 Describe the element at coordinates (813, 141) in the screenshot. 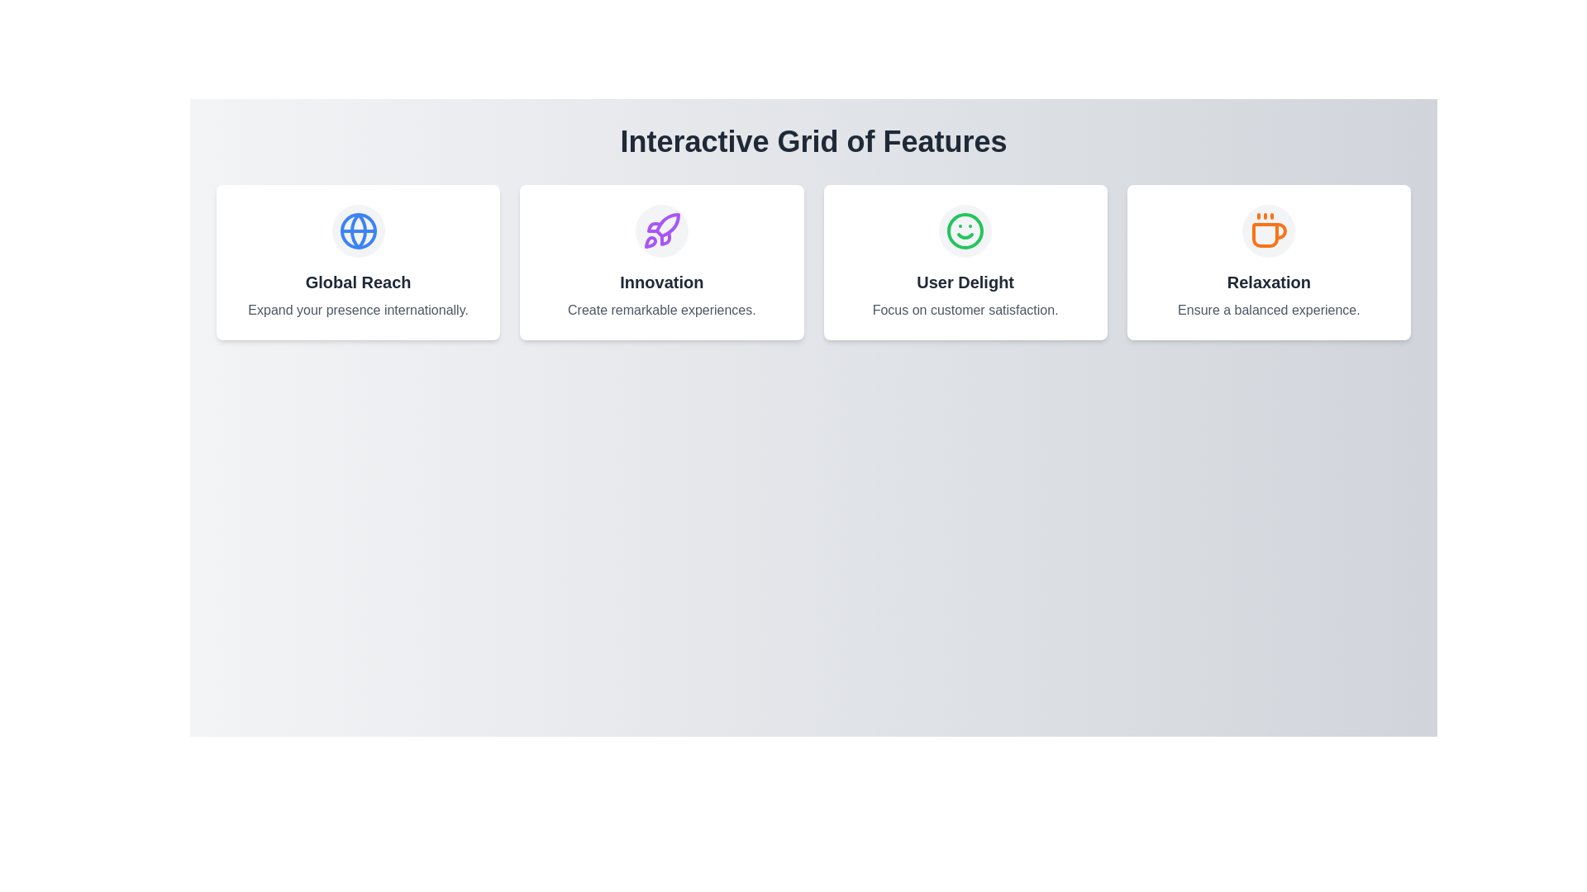

I see `the prominent header text reading 'Interactive Grid of Features', which is styled with a bold, large gray font and centrally aligned at the top of the interface` at that location.